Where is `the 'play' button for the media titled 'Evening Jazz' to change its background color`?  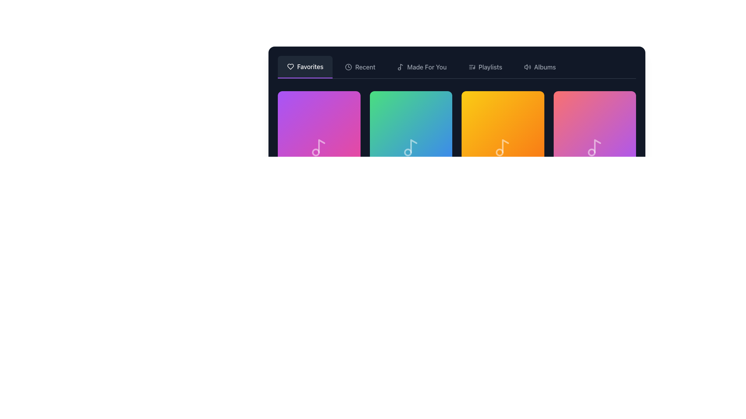 the 'play' button for the media titled 'Evening Jazz' to change its background color is located at coordinates (621, 149).